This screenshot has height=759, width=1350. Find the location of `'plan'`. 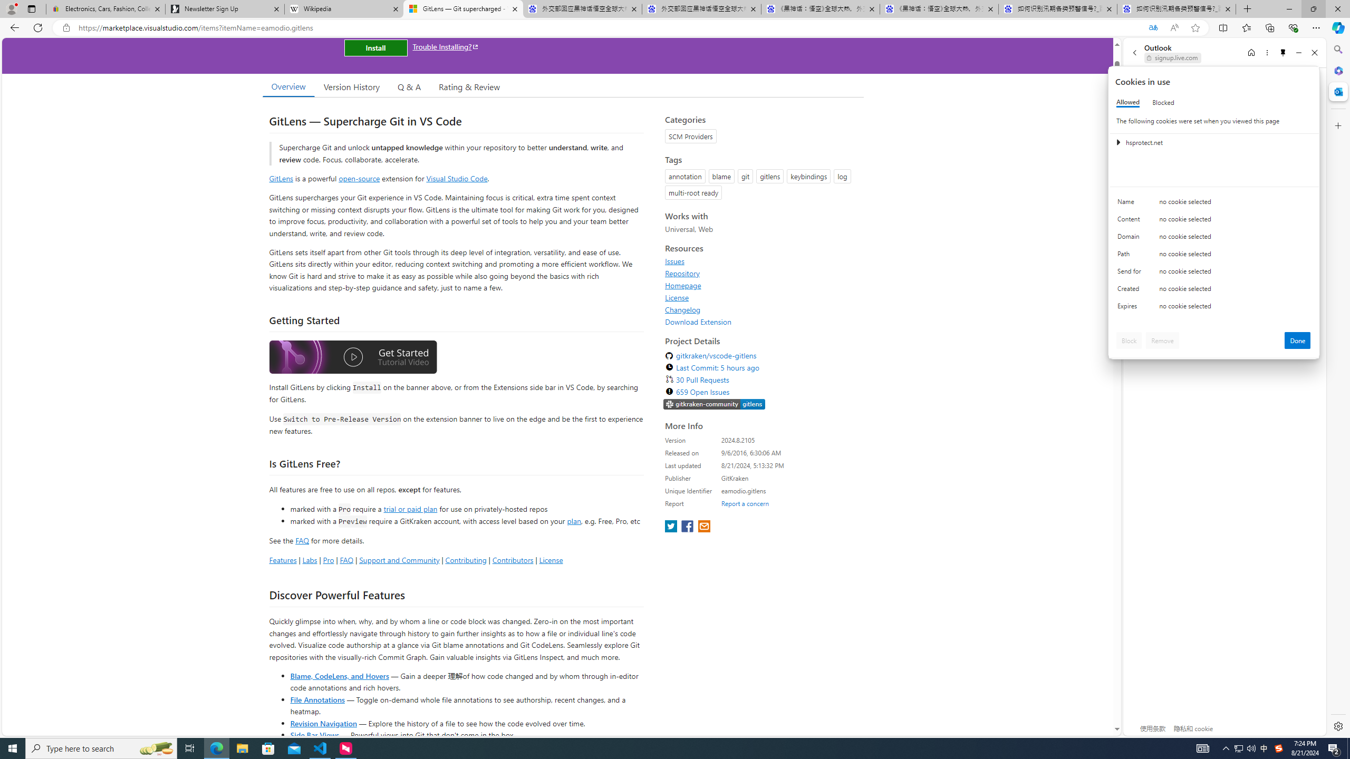

'plan' is located at coordinates (574, 521).